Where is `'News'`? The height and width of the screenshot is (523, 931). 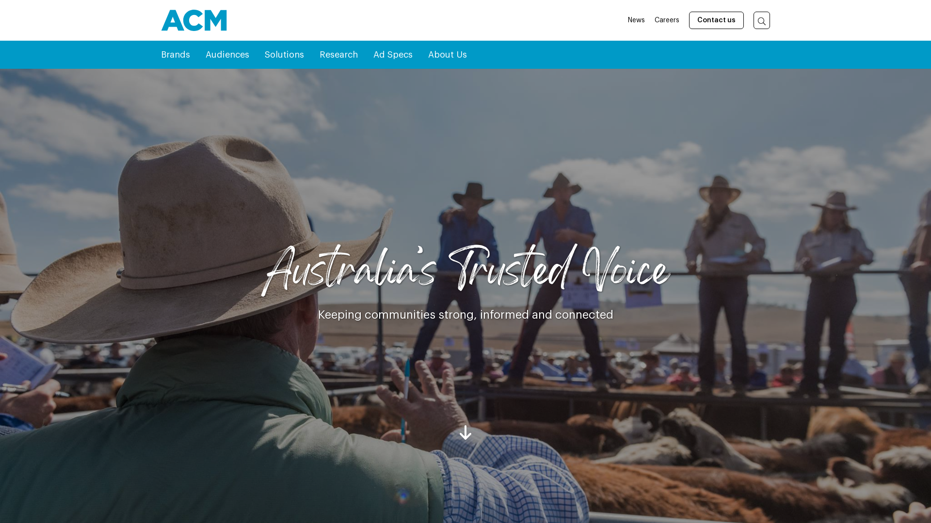
'News' is located at coordinates (636, 20).